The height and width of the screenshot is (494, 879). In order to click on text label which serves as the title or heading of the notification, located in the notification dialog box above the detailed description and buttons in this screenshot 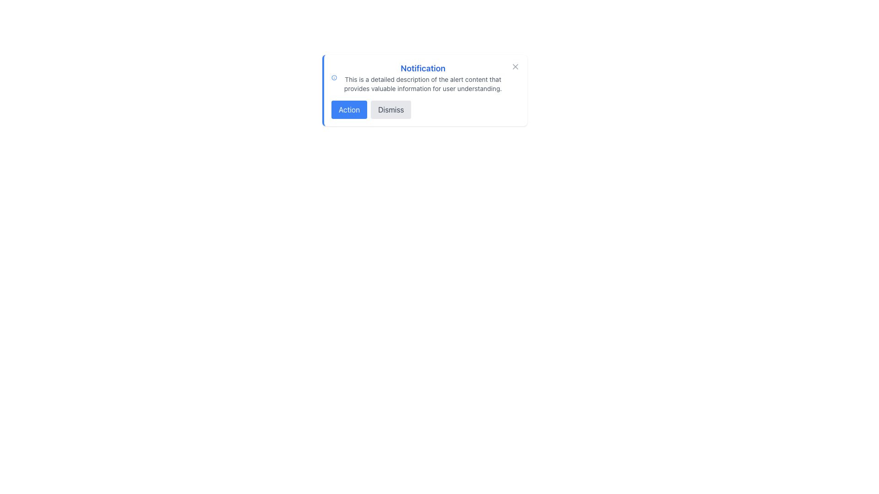, I will do `click(423, 68)`.